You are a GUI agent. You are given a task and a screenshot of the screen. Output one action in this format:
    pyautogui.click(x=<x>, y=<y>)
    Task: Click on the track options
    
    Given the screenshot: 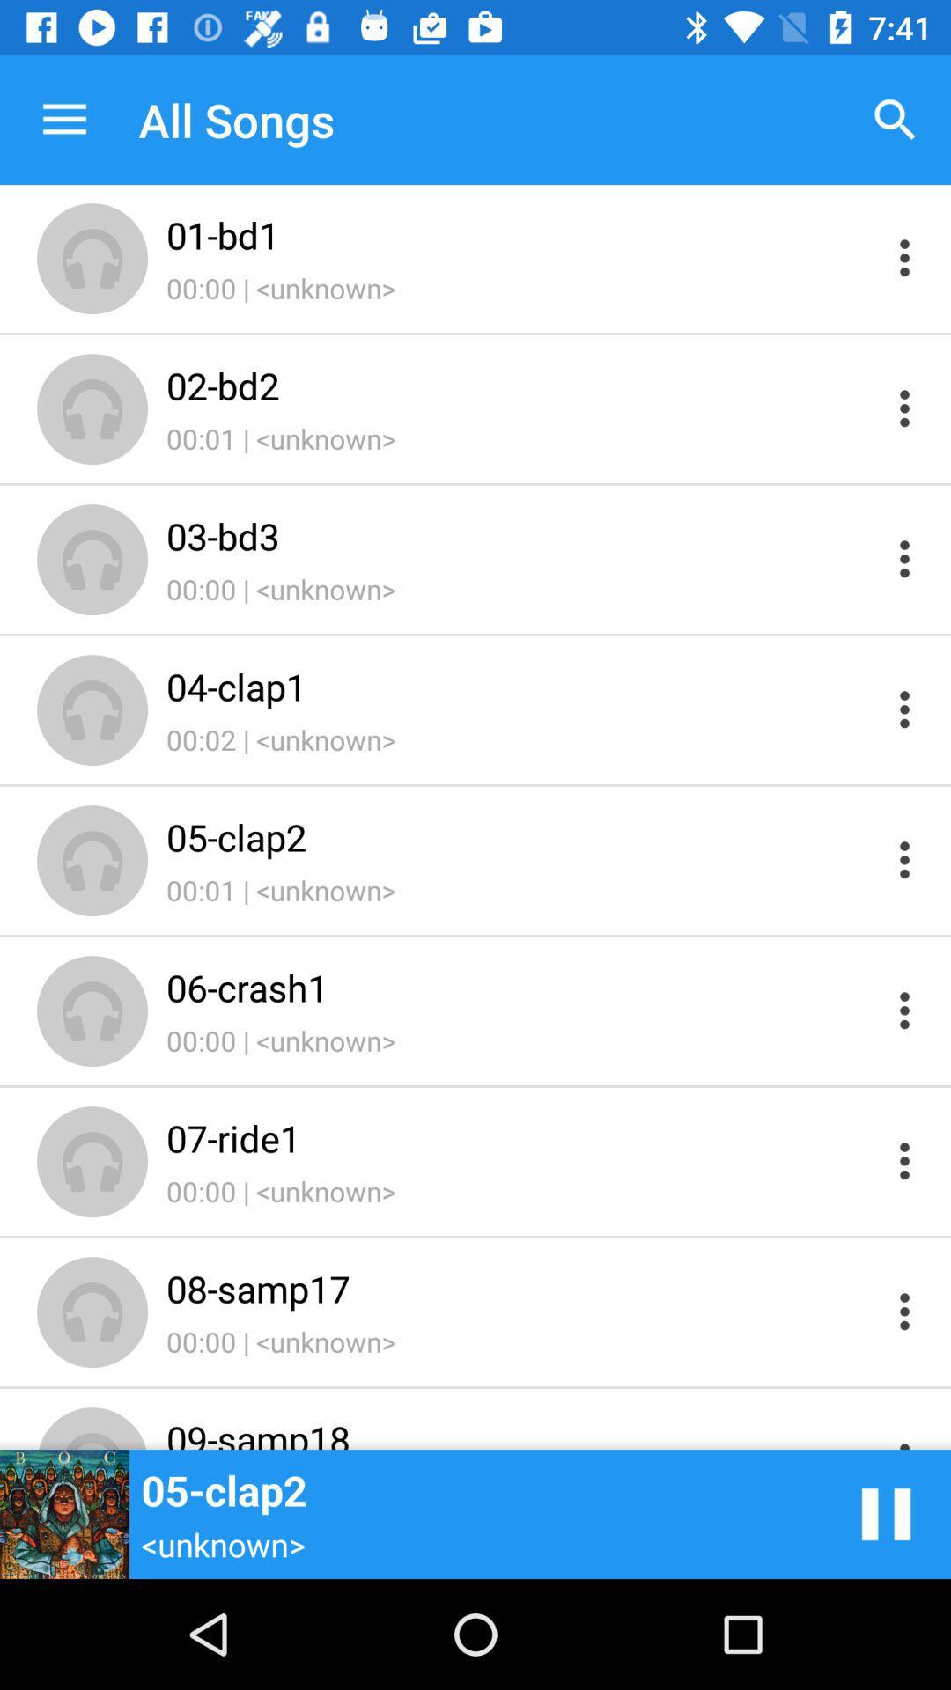 What is the action you would take?
    pyautogui.click(x=904, y=1161)
    